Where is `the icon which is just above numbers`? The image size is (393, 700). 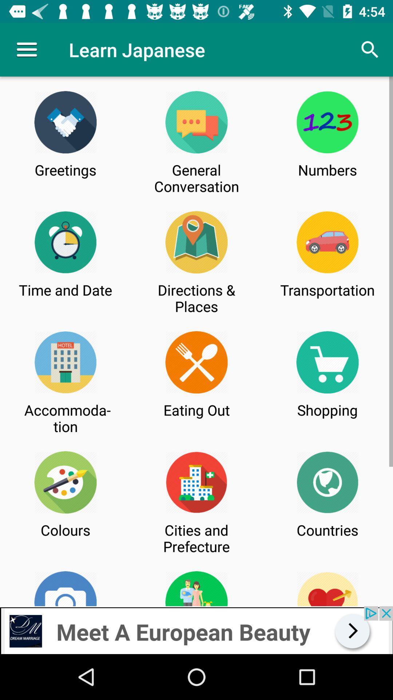
the icon which is just above numbers is located at coordinates (327, 122).